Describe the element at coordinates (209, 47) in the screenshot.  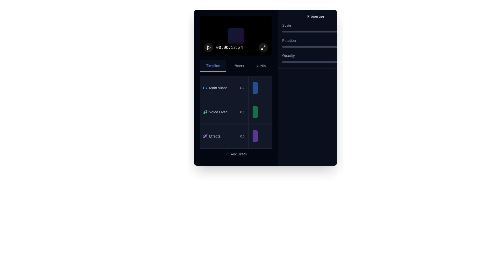
I see `the play button located in the upper left panel of the interface` at that location.